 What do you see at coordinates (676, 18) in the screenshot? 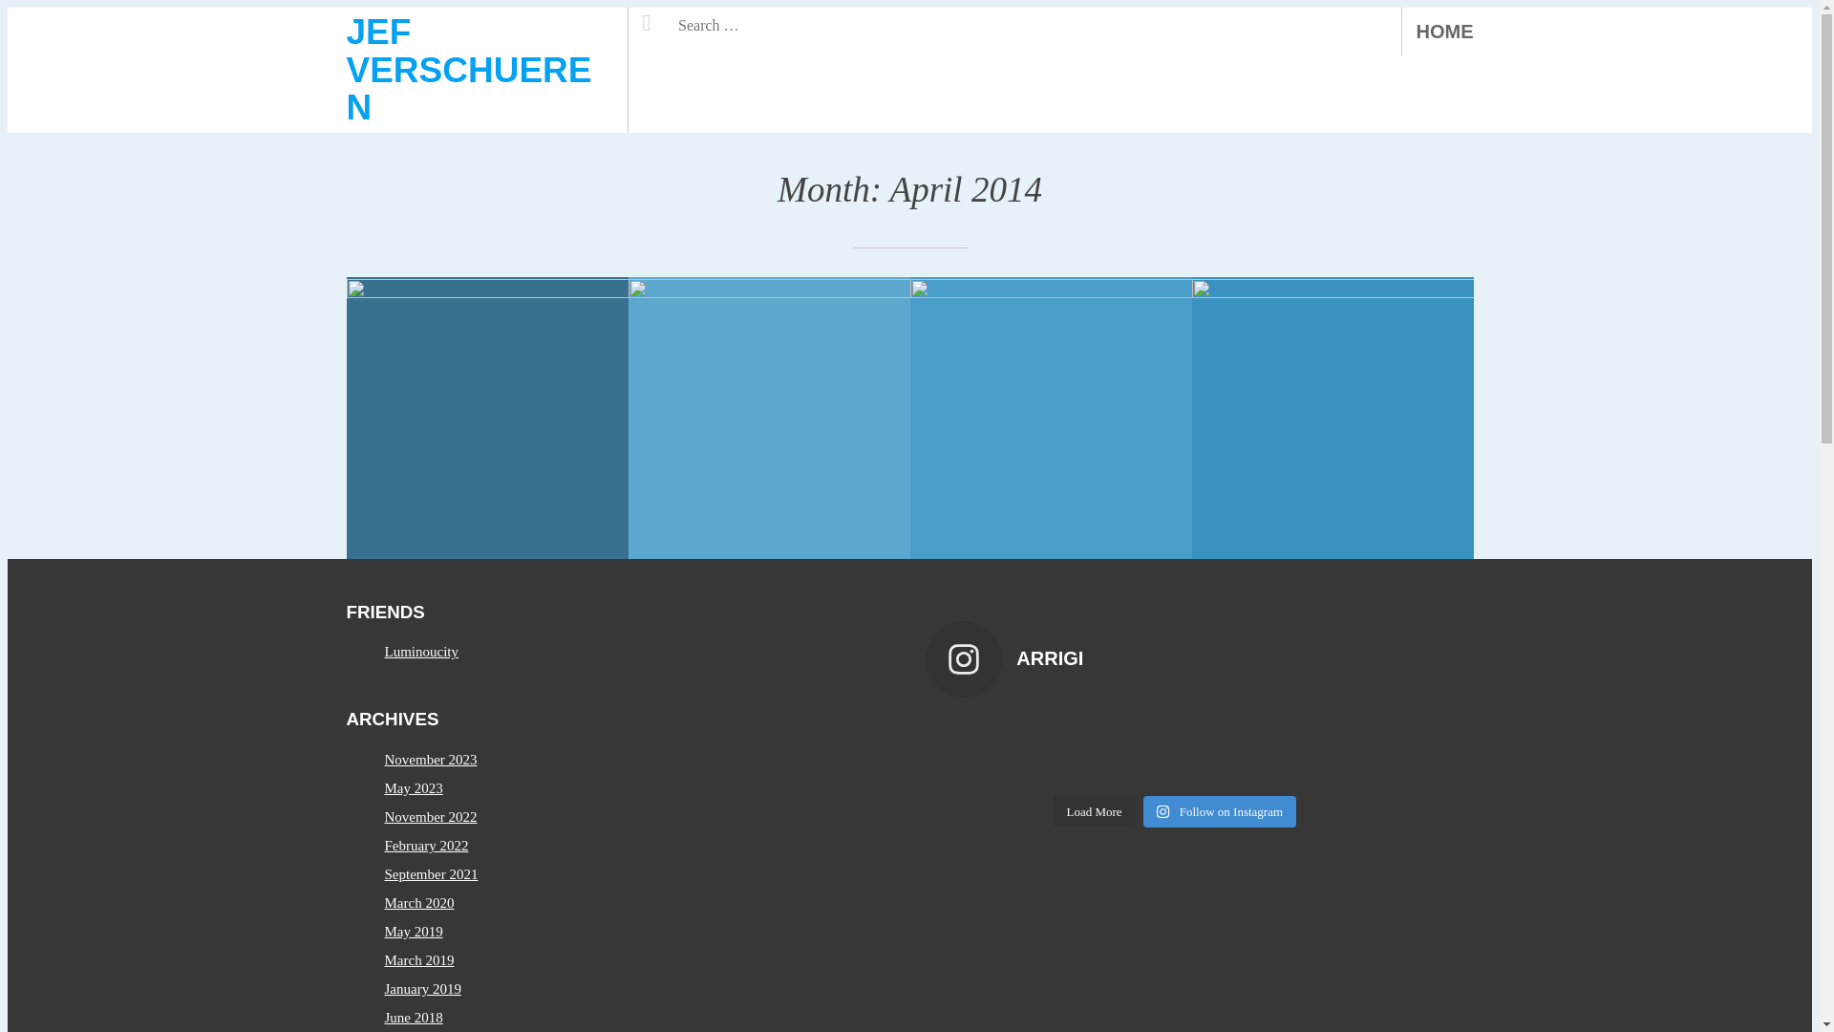
I see `'Search'` at bounding box center [676, 18].